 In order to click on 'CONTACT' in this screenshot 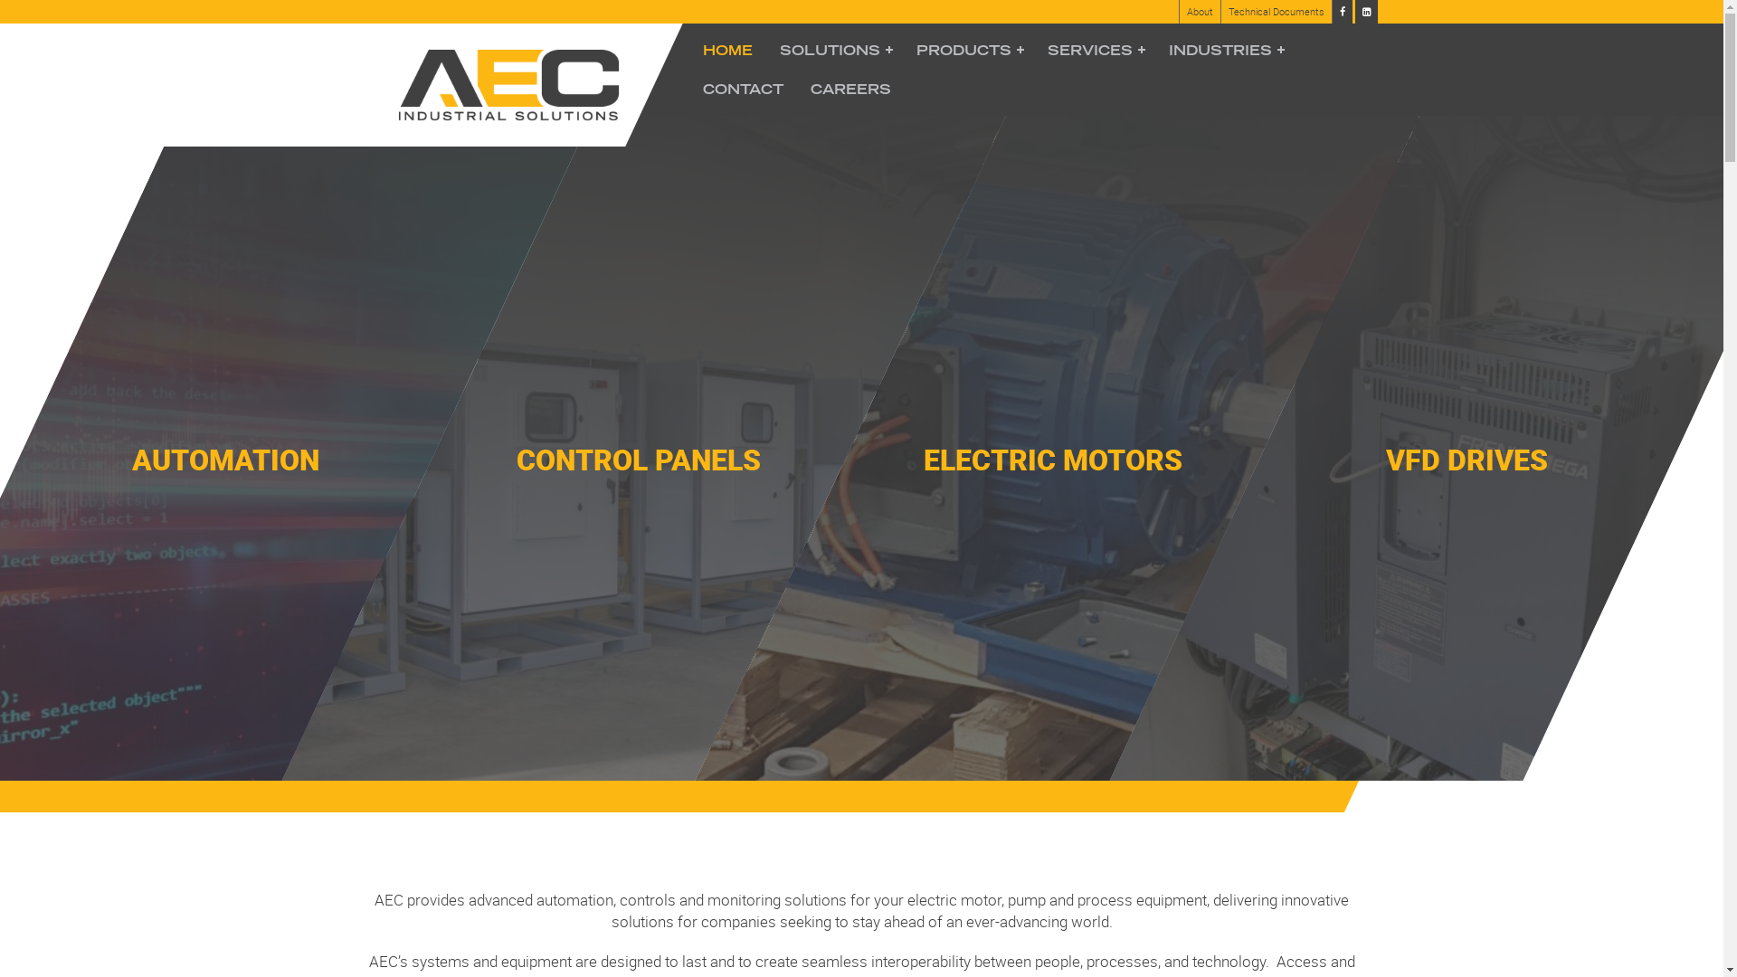, I will do `click(743, 89)`.